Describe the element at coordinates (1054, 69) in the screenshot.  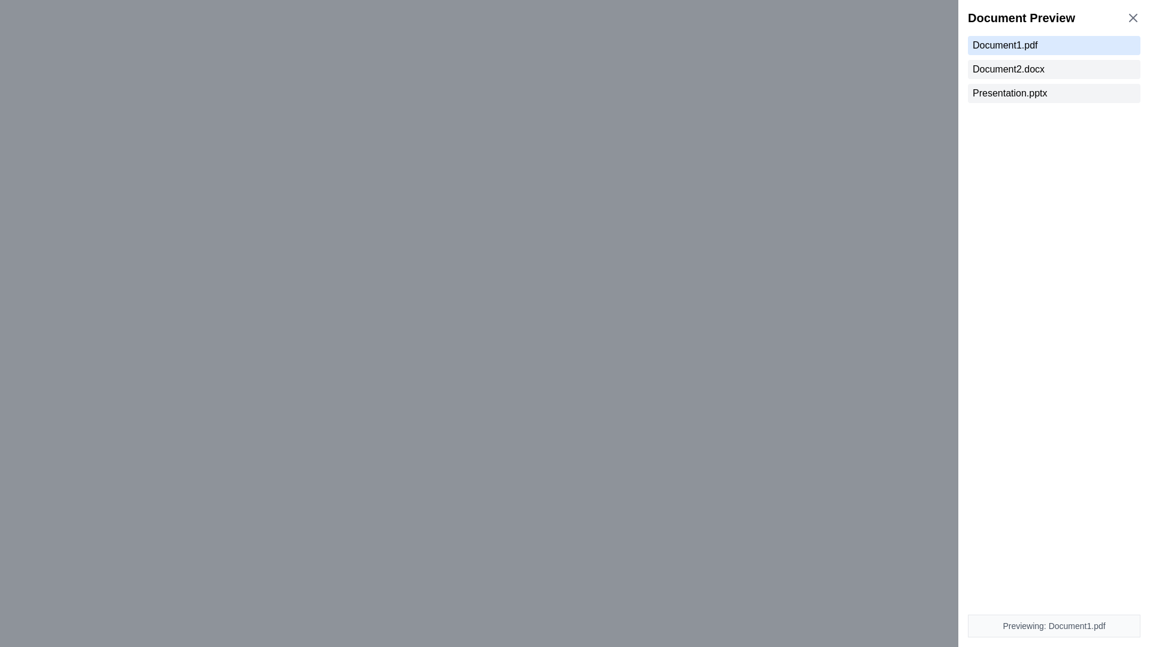
I see `the list item 'Document2.docx' in the 'Document Preview' panel` at that location.